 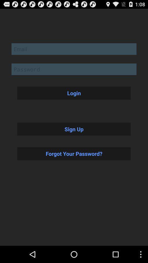 What do you see at coordinates (74, 93) in the screenshot?
I see `the login item` at bounding box center [74, 93].